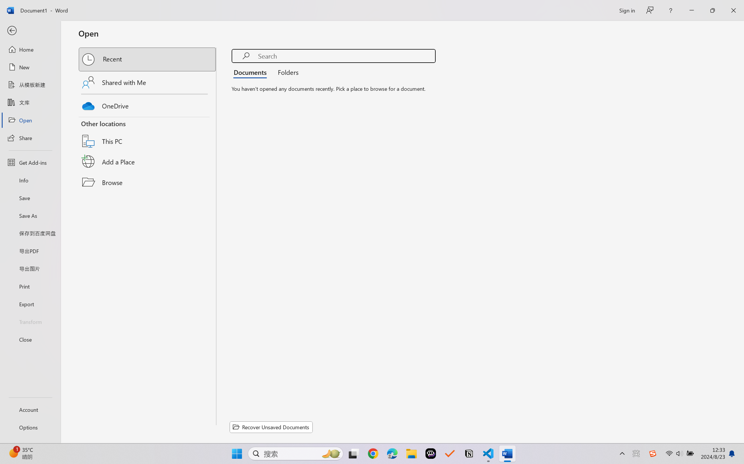 The image size is (744, 464). Describe the element at coordinates (30, 67) in the screenshot. I see `'New'` at that location.